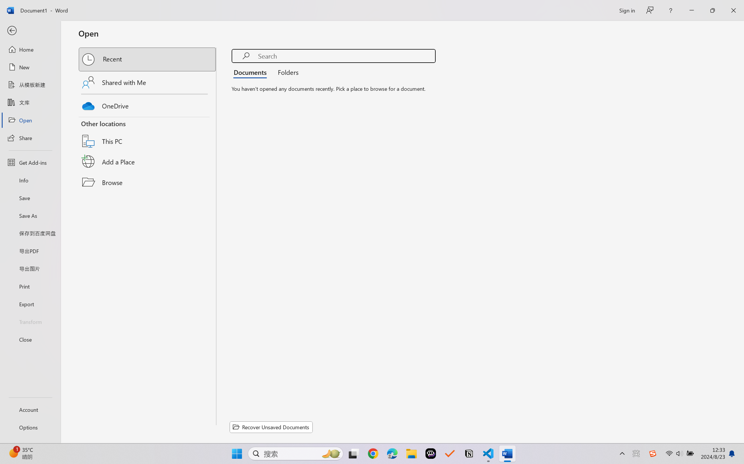 The image size is (744, 464). Describe the element at coordinates (30, 67) in the screenshot. I see `'New'` at that location.